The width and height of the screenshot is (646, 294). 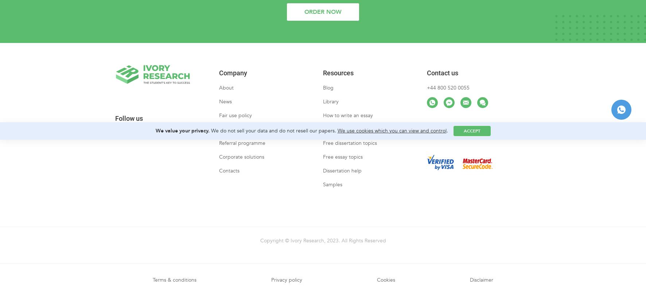 I want to click on 'Fair use policy', so click(x=236, y=122).